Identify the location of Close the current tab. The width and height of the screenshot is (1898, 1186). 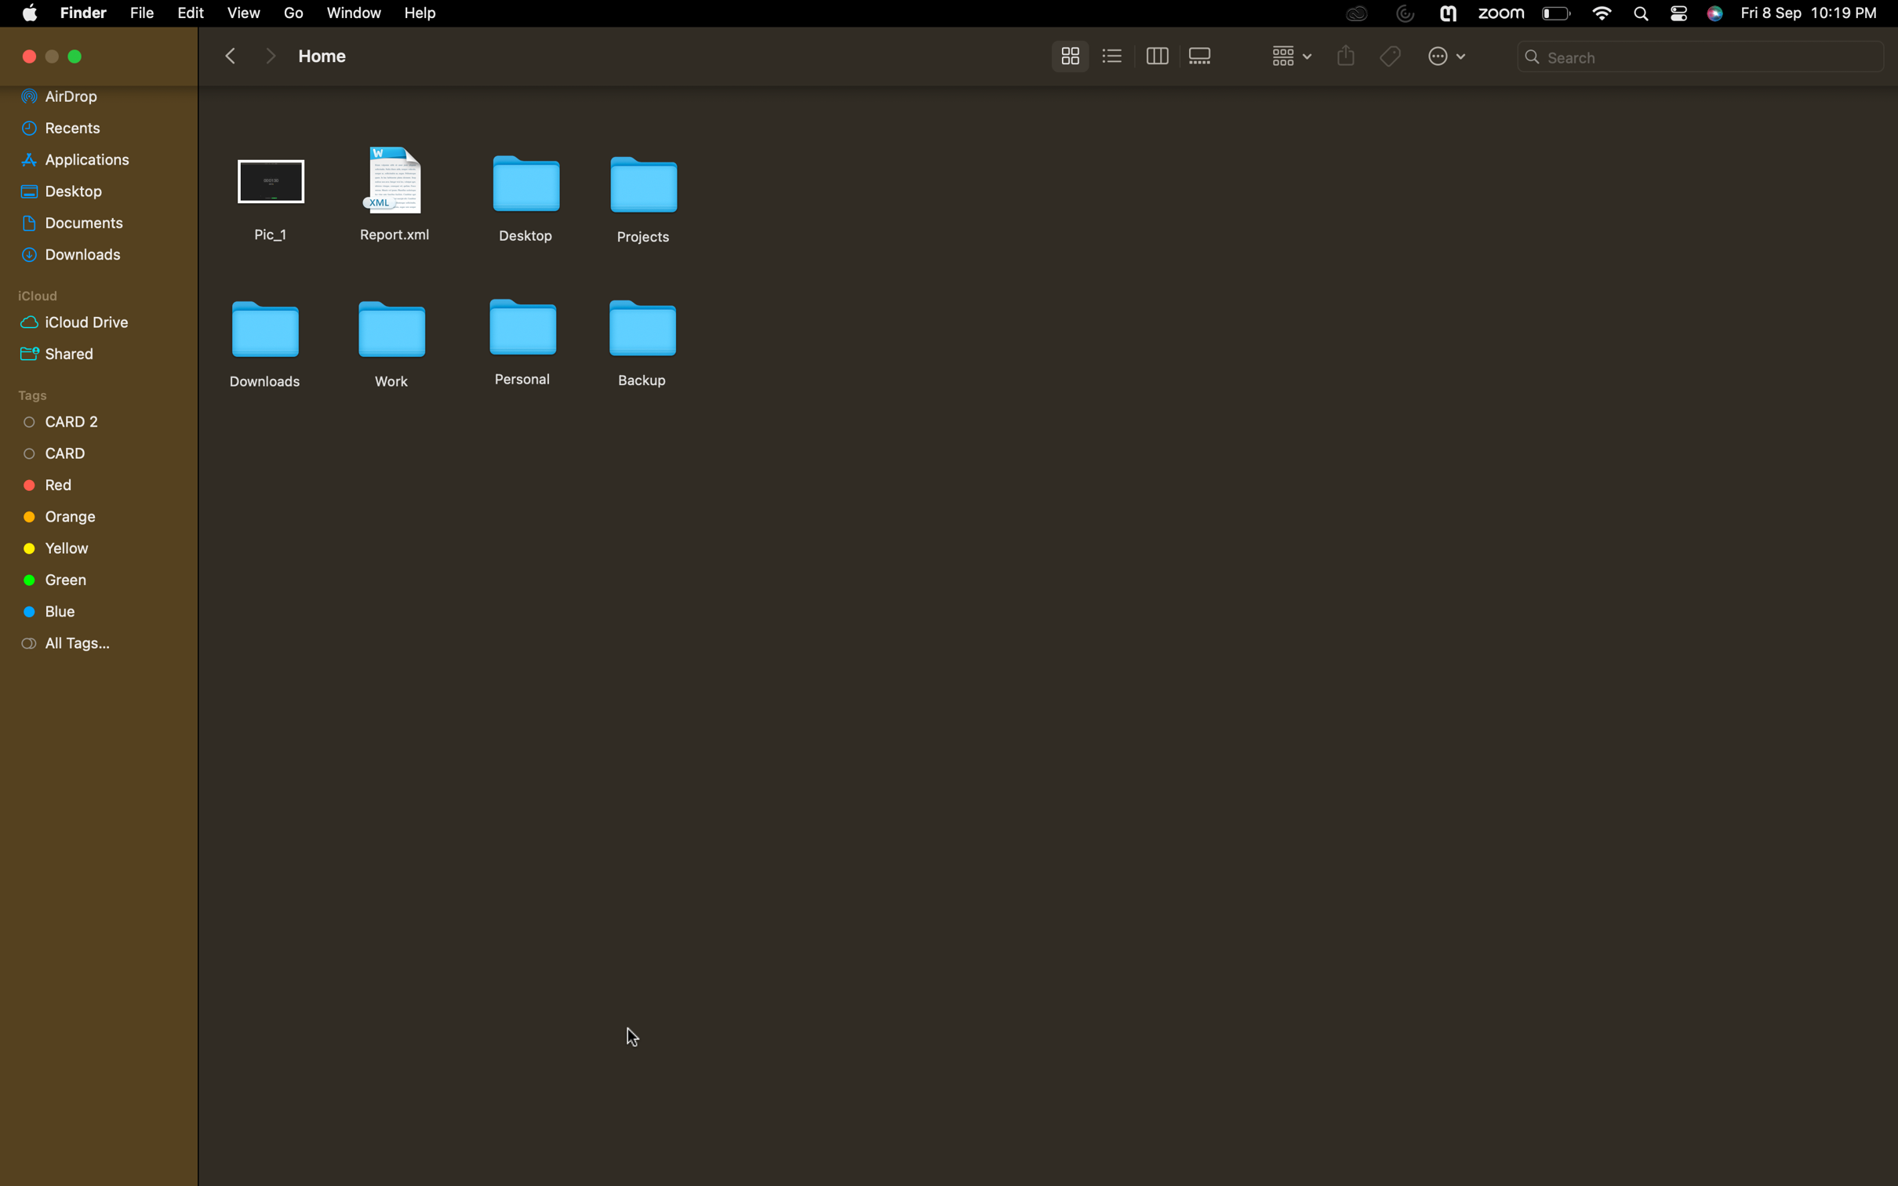
(29, 57).